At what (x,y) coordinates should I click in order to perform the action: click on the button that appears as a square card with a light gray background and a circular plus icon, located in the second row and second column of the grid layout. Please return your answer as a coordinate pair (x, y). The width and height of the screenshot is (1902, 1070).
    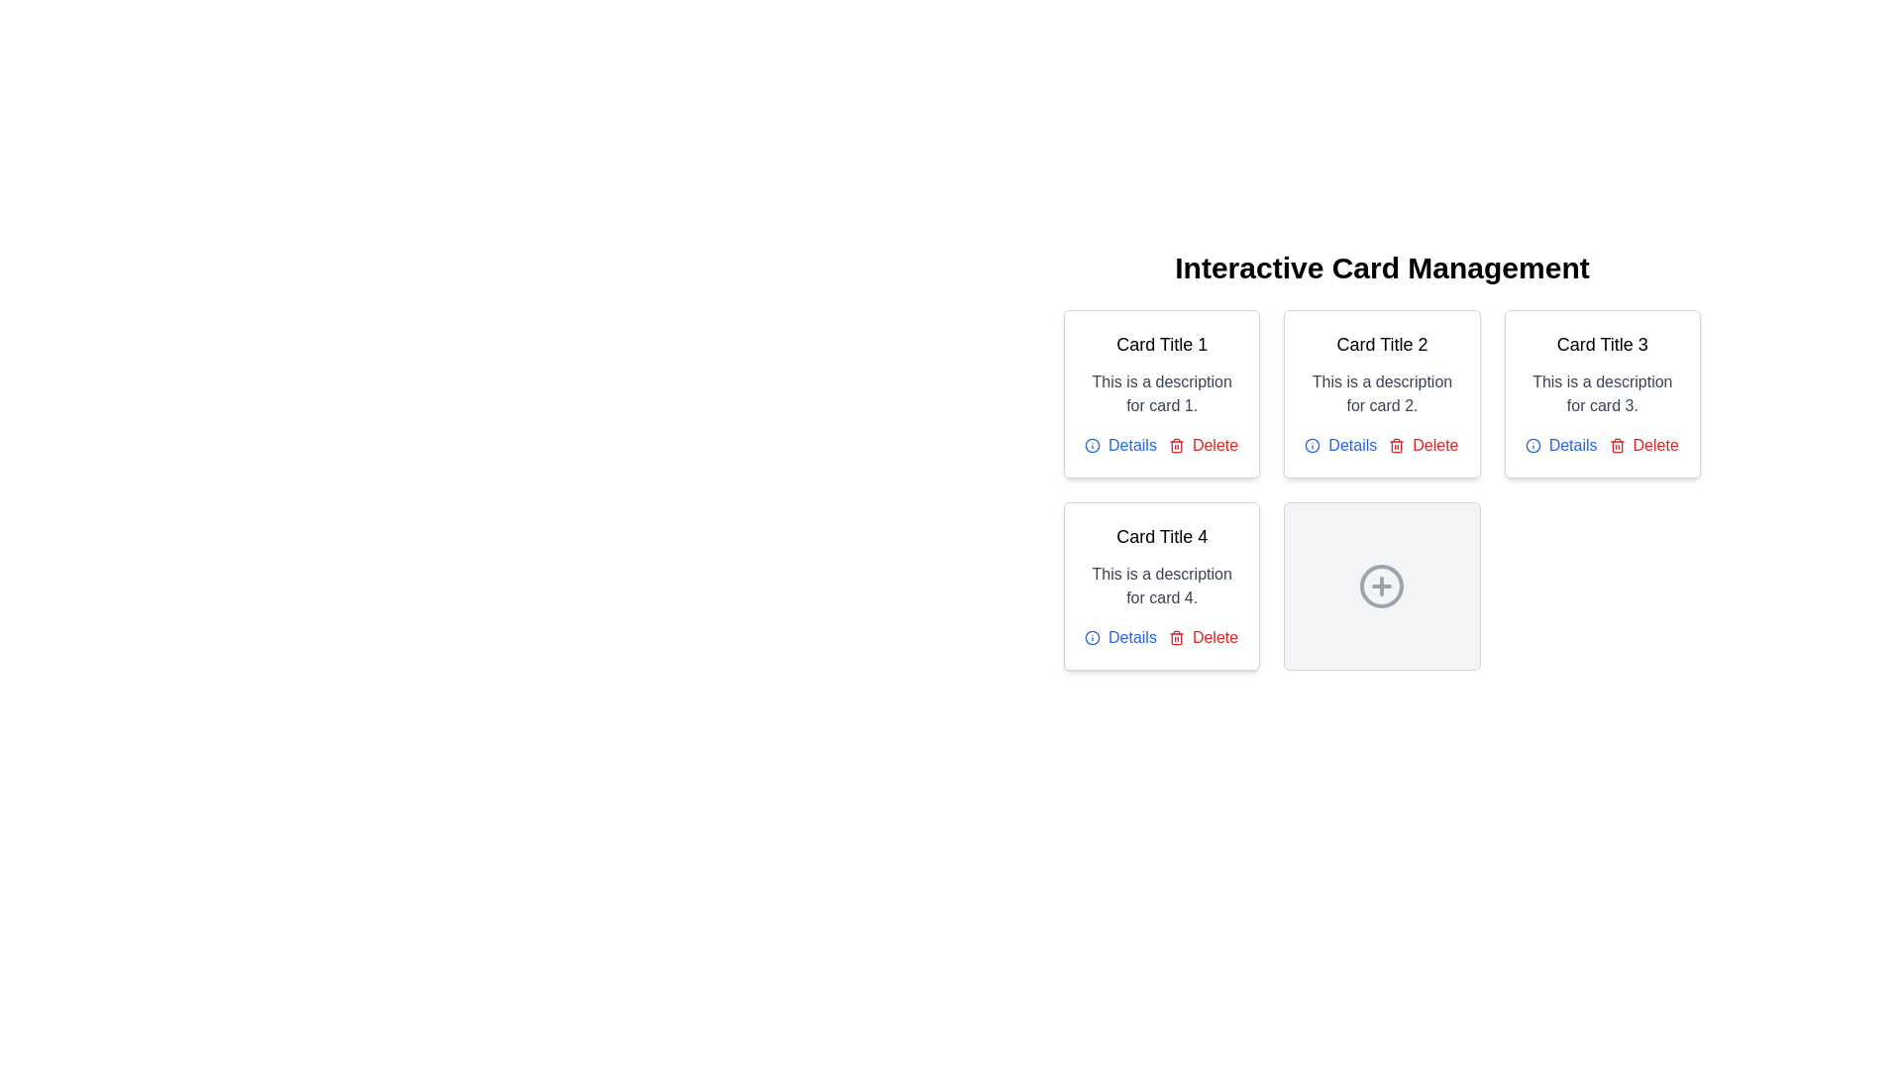
    Looking at the image, I should click on (1381, 585).